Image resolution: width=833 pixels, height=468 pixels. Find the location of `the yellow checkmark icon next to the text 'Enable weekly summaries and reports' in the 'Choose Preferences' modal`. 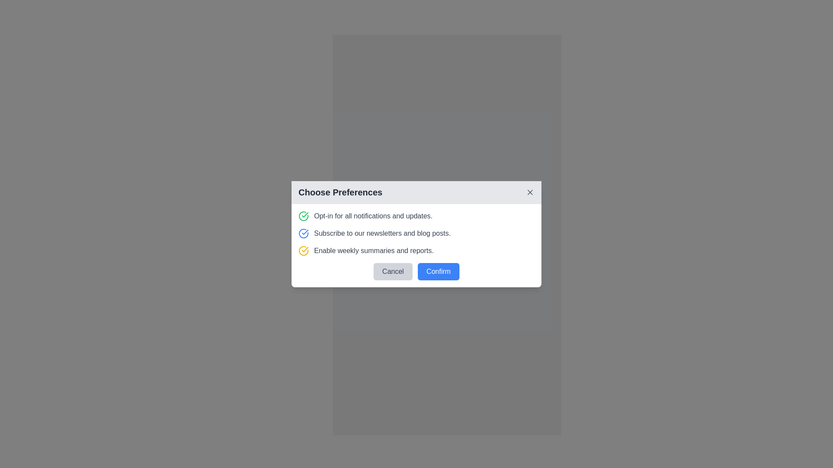

the yellow checkmark icon next to the text 'Enable weekly summaries and reports' in the 'Choose Preferences' modal is located at coordinates (305, 249).